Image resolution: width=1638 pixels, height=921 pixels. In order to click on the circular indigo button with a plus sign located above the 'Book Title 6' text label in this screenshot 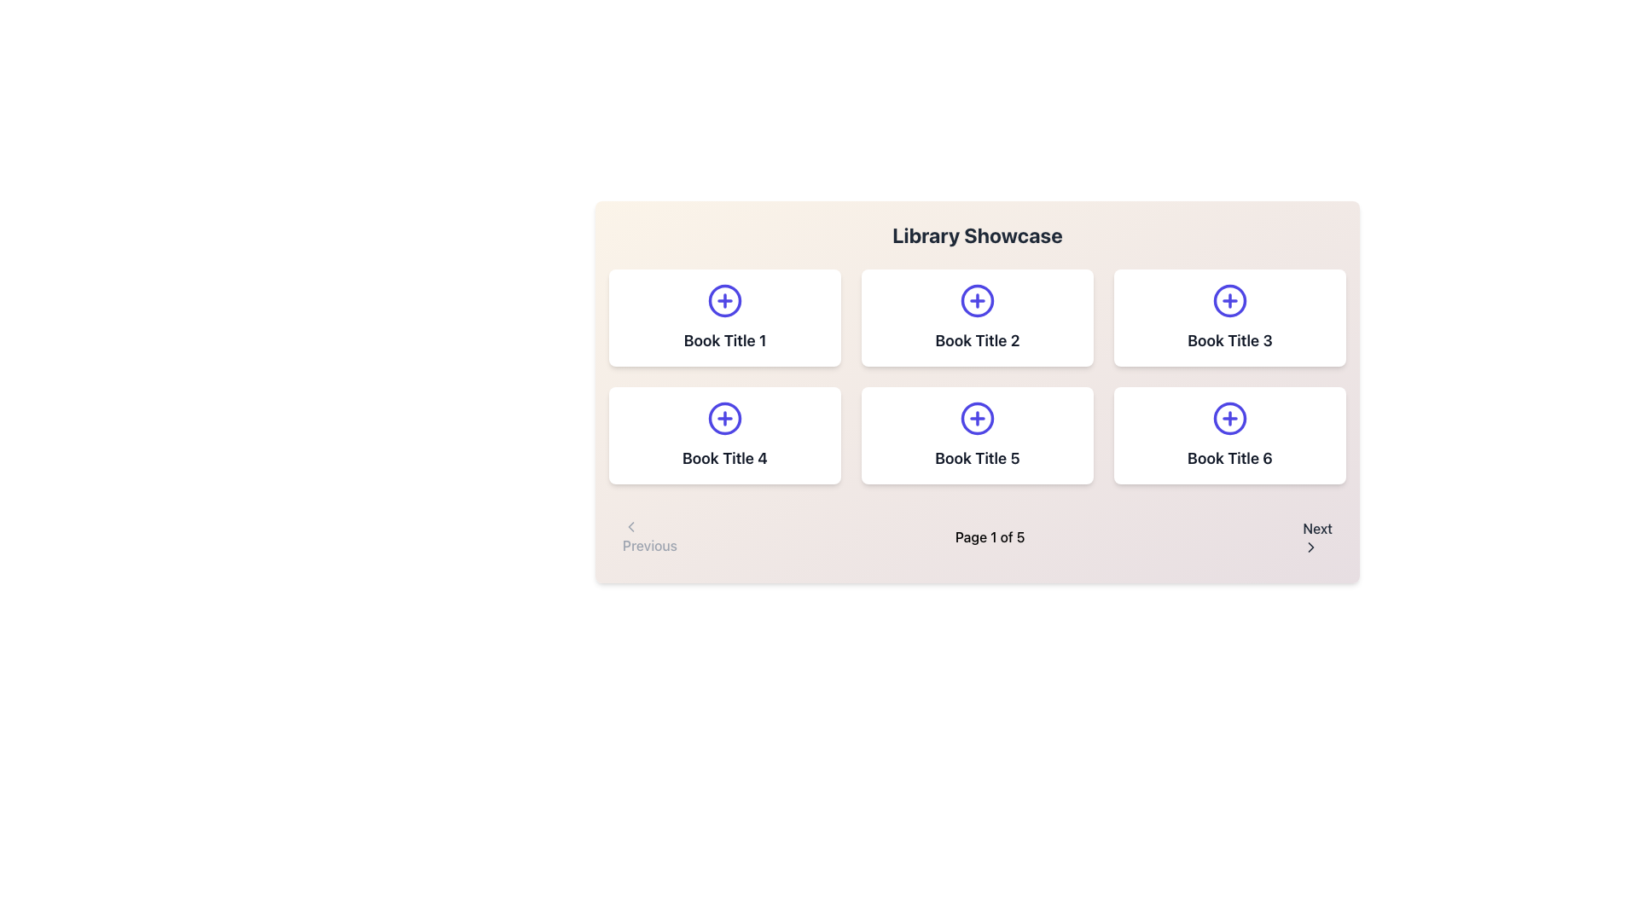, I will do `click(1229, 418)`.